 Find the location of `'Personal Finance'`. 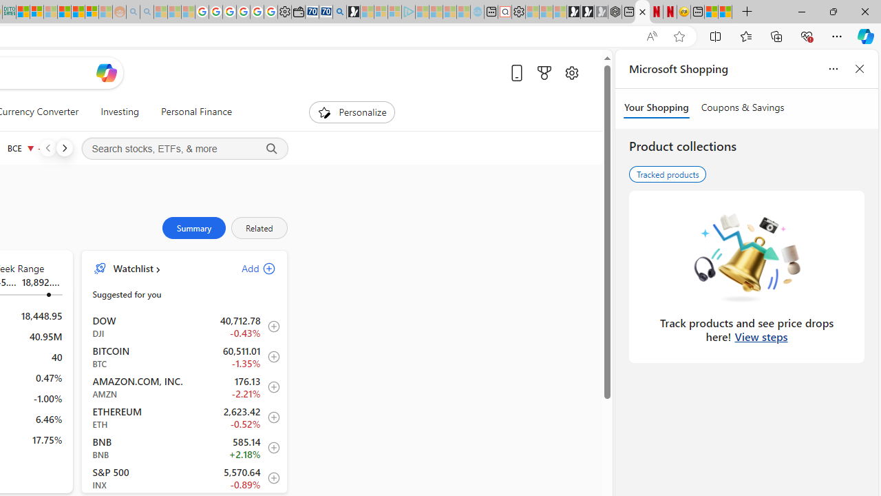

'Personal Finance' is located at coordinates (190, 112).